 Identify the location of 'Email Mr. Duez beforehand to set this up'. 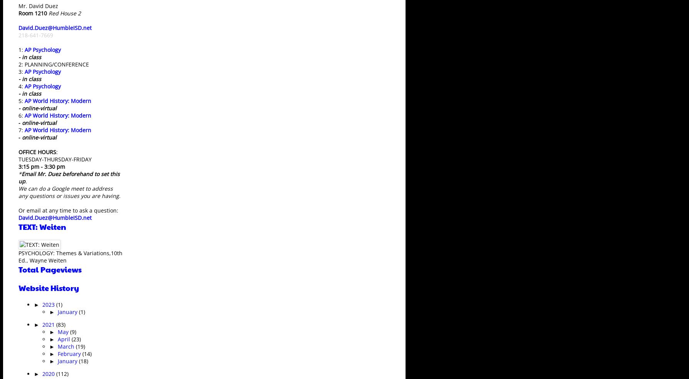
(69, 177).